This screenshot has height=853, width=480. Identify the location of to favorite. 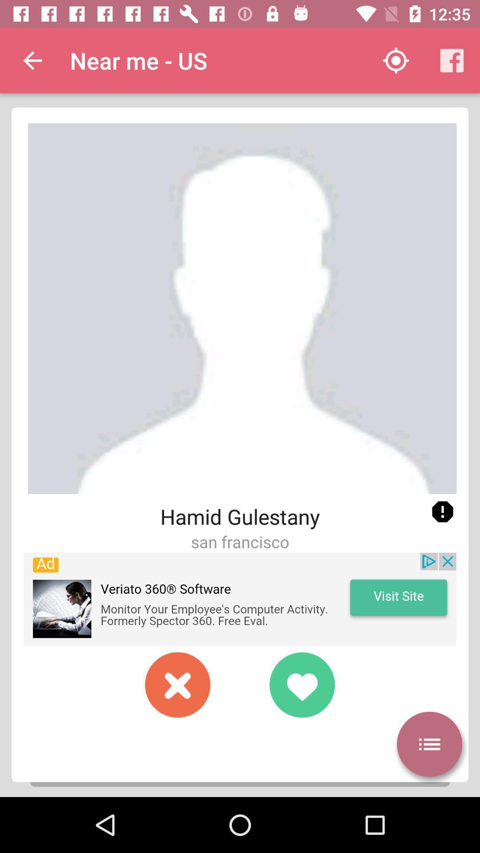
(301, 684).